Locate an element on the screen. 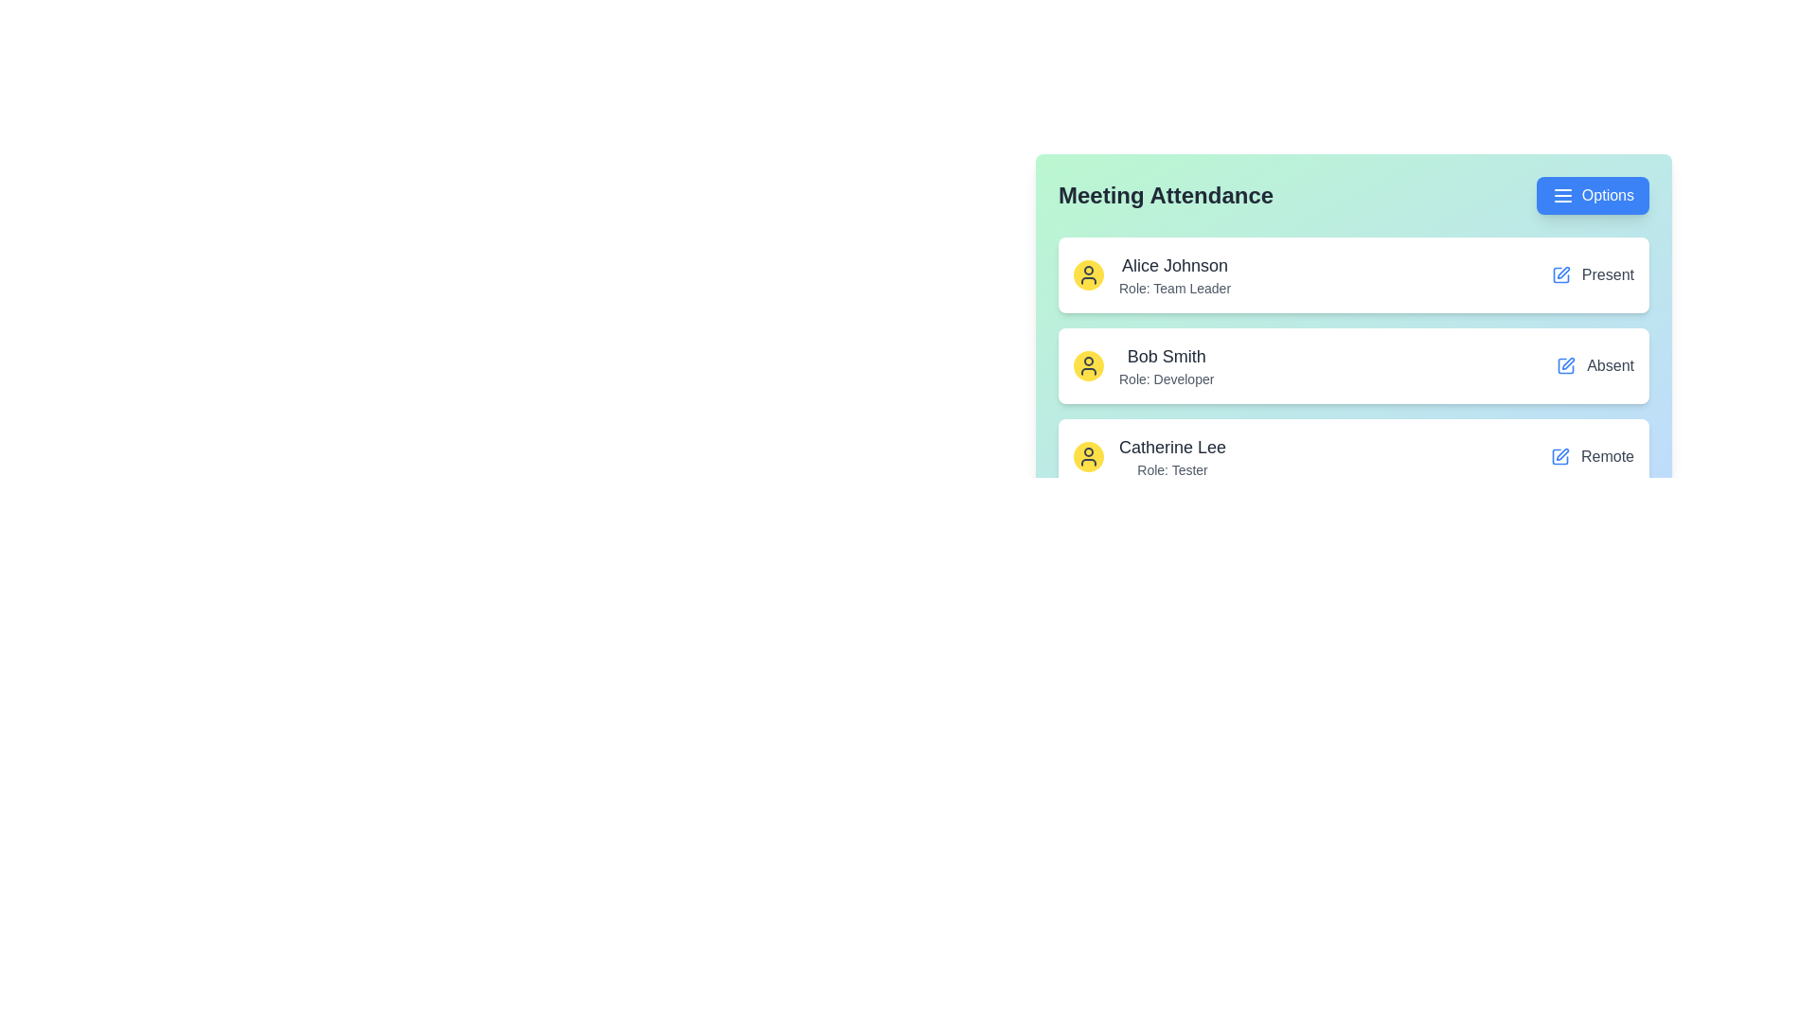 The height and width of the screenshot is (1022, 1818). text label displaying 'Bob Smith', which serves as the title for the participant in the second card of the vertical list is located at coordinates (1166, 357).